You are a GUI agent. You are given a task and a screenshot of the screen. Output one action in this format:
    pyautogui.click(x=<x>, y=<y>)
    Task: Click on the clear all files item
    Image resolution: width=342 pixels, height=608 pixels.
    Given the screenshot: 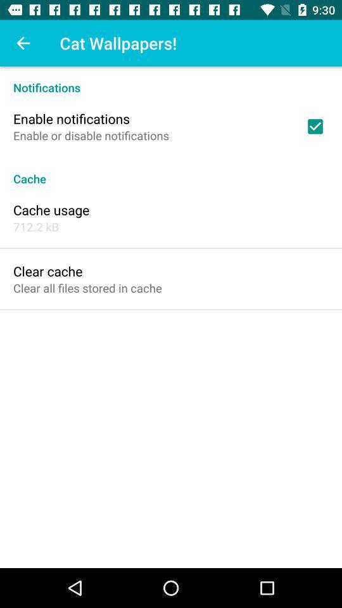 What is the action you would take?
    pyautogui.click(x=87, y=288)
    